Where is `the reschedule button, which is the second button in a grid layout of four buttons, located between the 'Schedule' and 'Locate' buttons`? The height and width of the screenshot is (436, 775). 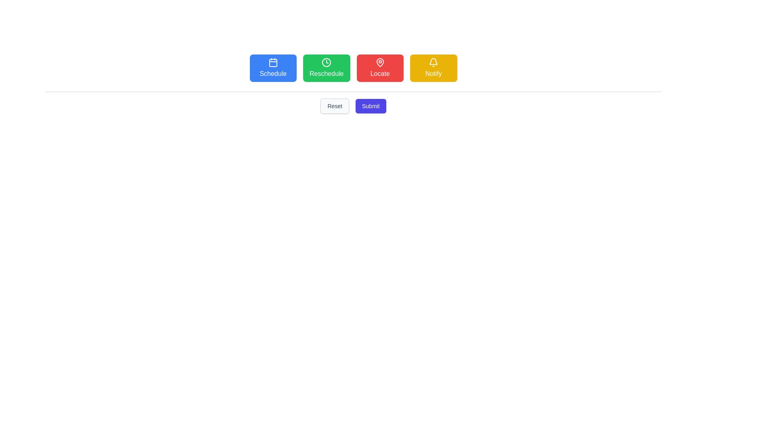 the reschedule button, which is the second button in a grid layout of four buttons, located between the 'Schedule' and 'Locate' buttons is located at coordinates (327, 68).